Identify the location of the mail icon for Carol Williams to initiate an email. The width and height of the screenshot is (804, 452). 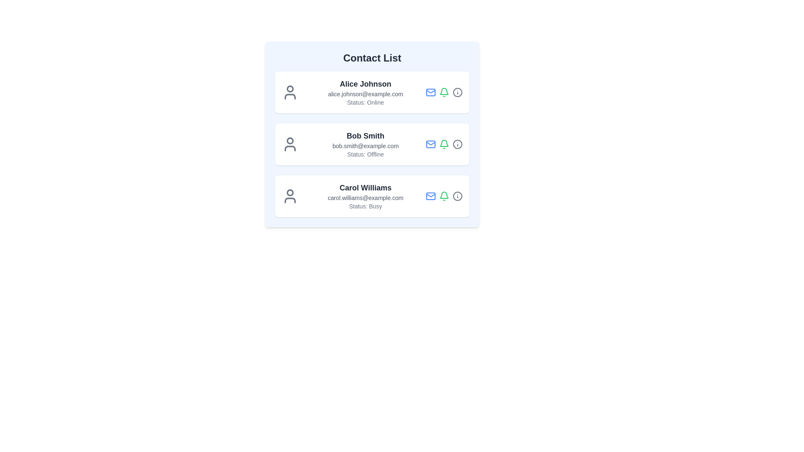
(430, 196).